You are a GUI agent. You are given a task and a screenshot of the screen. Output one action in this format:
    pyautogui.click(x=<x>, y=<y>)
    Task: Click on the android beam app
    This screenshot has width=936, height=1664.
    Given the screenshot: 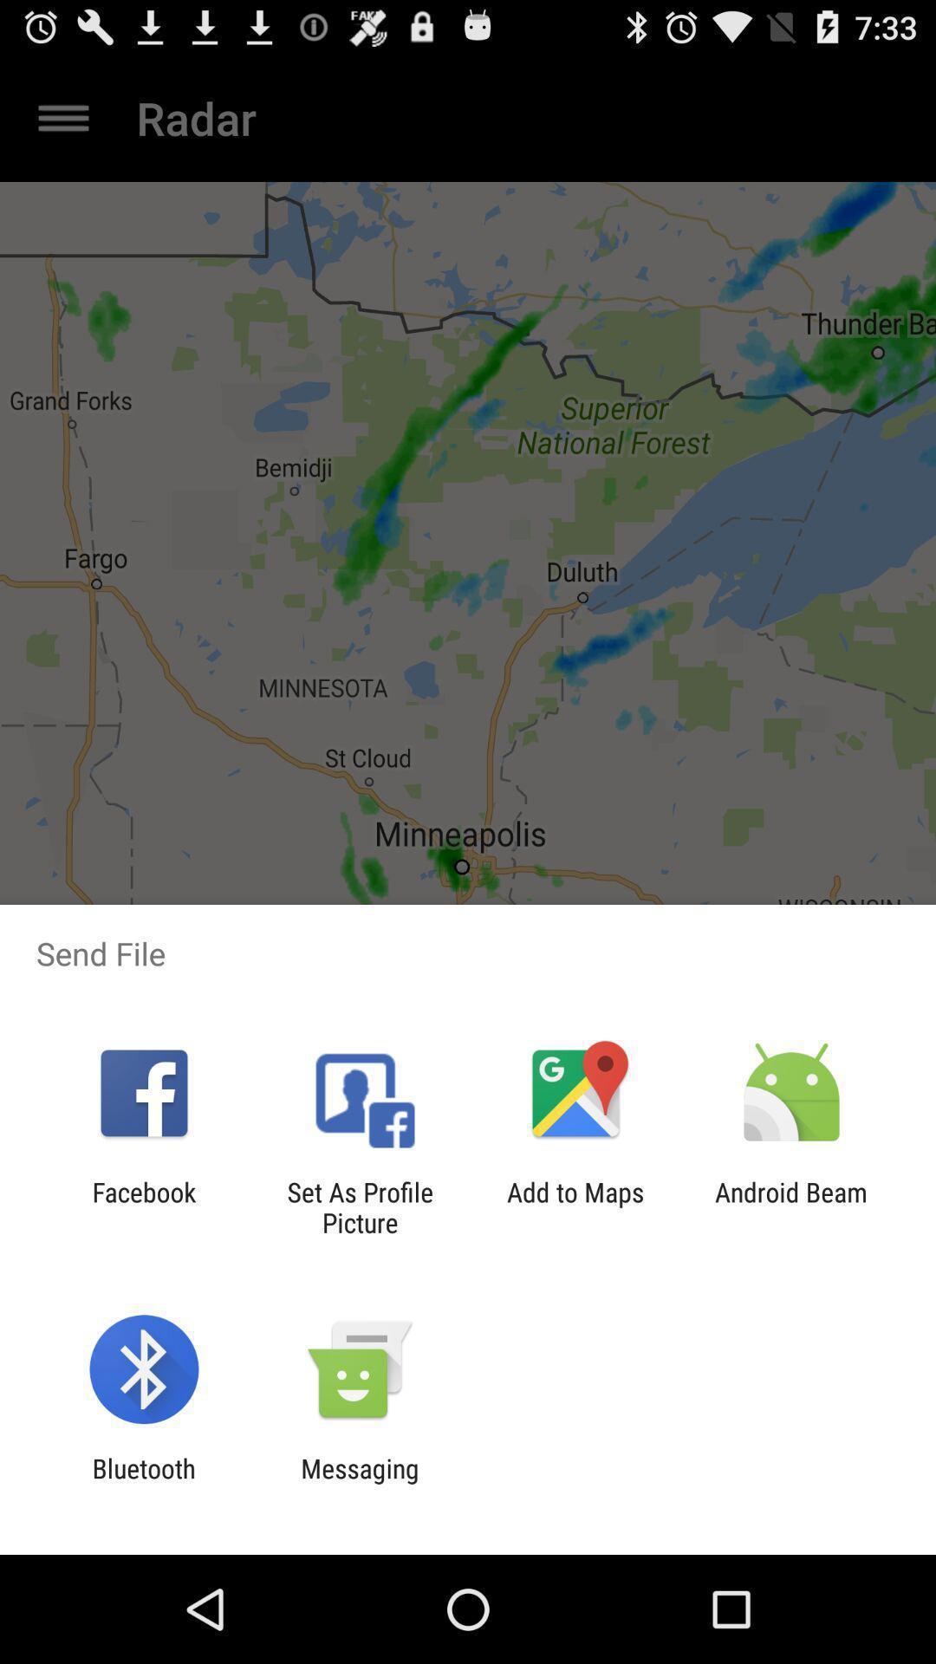 What is the action you would take?
    pyautogui.click(x=791, y=1206)
    